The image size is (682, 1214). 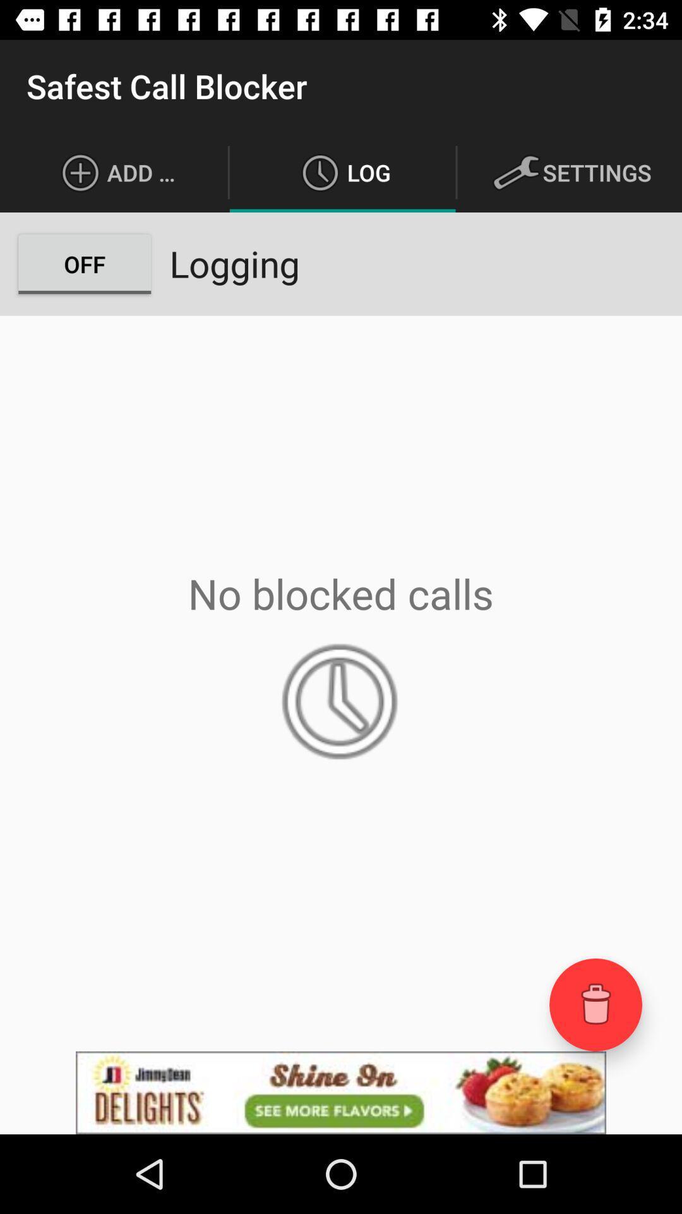 I want to click on click and open link to website, so click(x=341, y=1092).